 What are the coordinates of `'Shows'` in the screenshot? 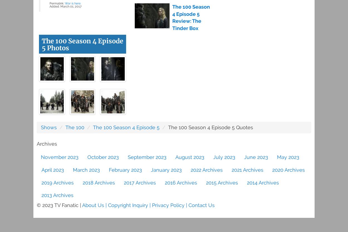 It's located at (49, 127).